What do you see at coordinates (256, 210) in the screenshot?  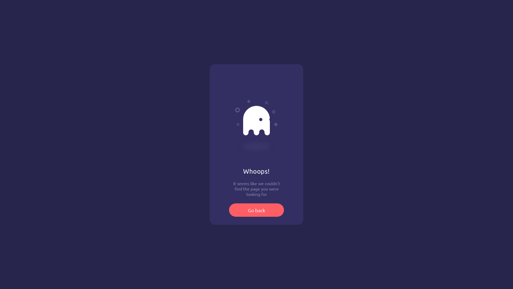 I see `'Go back'` at bounding box center [256, 210].